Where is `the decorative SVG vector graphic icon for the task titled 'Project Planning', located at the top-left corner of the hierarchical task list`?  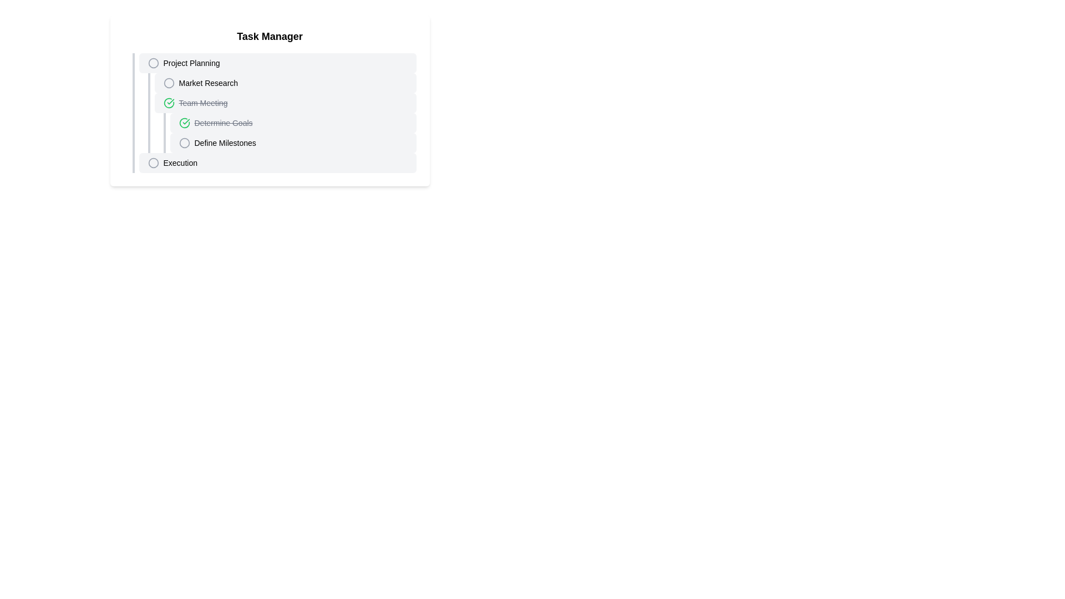
the decorative SVG vector graphic icon for the task titled 'Project Planning', located at the top-left corner of the hierarchical task list is located at coordinates (153, 63).